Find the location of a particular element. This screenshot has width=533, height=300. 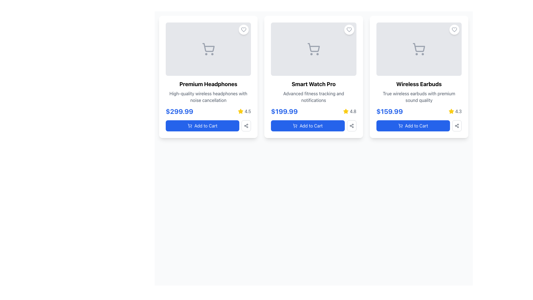

the button located at the bottom of the card displaying 'Wireless Earbuds' is located at coordinates (413, 126).